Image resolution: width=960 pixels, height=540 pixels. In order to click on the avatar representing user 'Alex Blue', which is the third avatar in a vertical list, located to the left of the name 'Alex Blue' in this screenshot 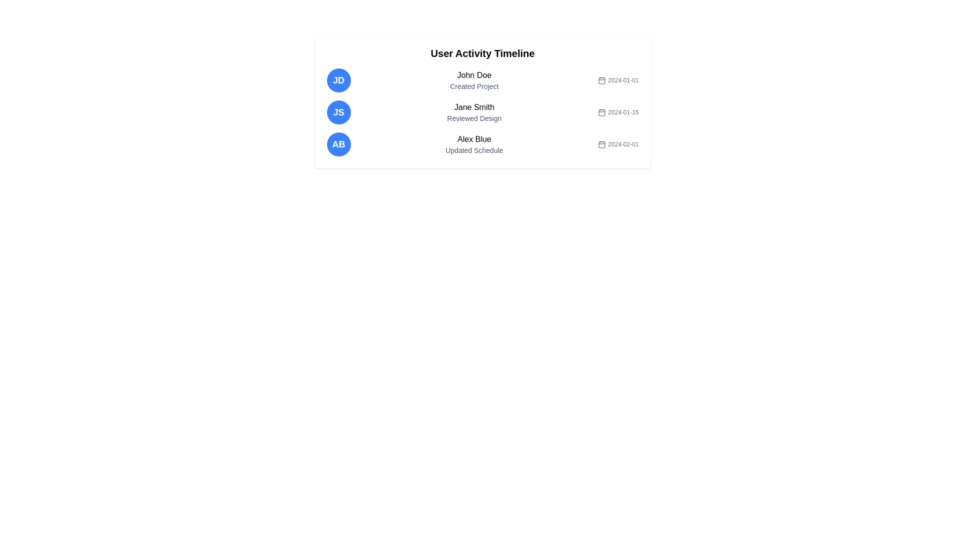, I will do `click(338, 144)`.